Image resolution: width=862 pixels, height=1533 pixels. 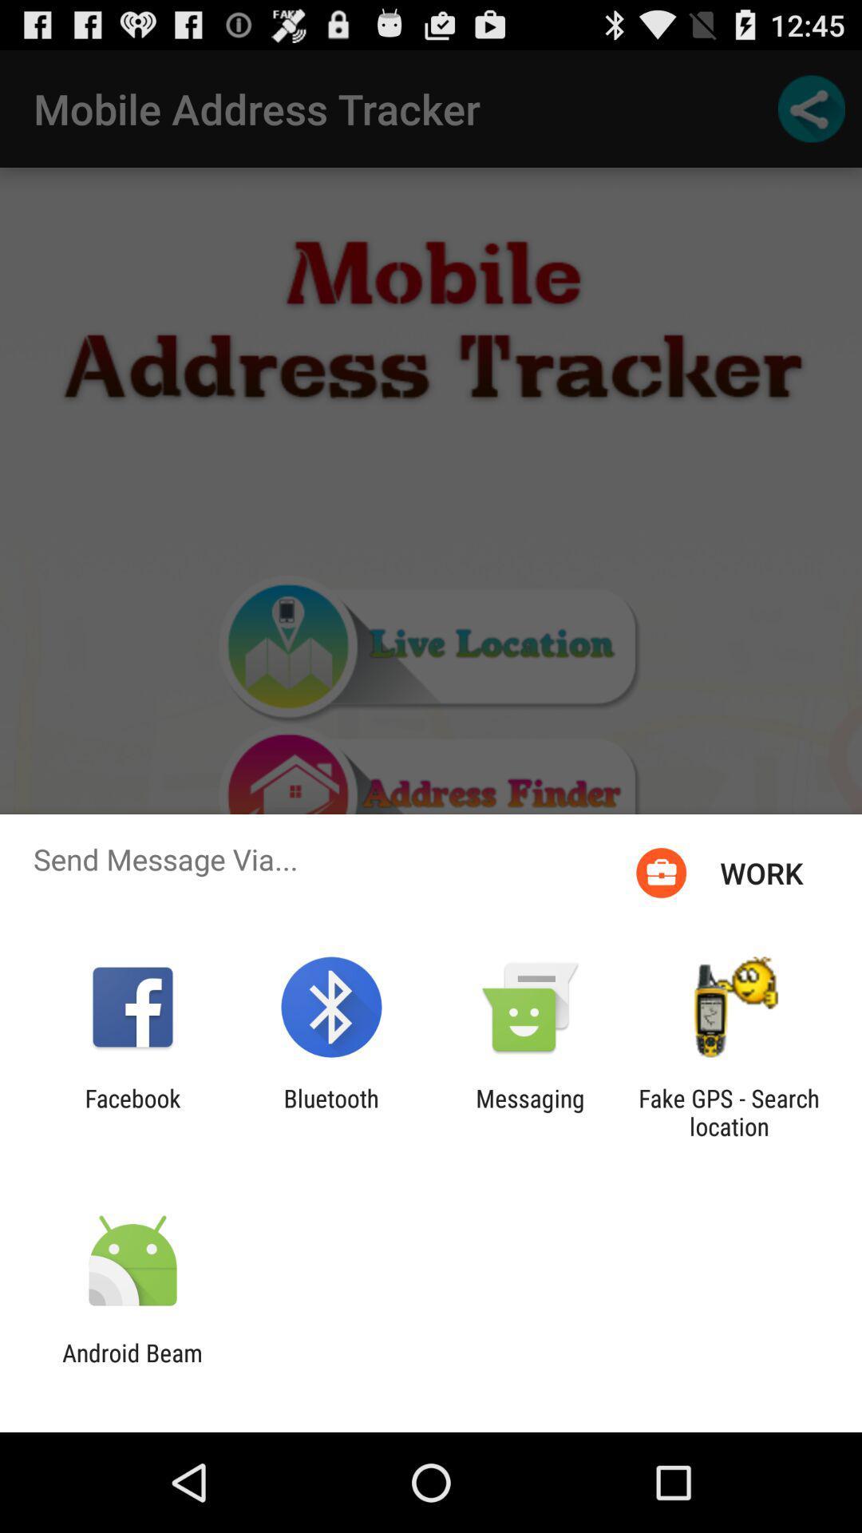 I want to click on the messaging icon, so click(x=530, y=1111).